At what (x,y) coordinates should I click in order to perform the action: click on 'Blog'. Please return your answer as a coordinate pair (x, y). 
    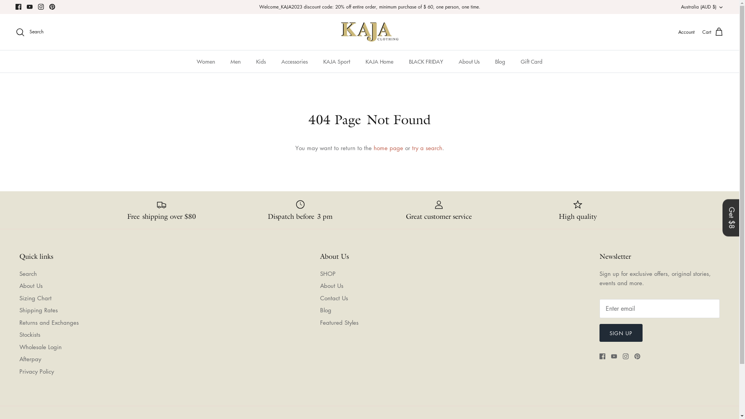
    Looking at the image, I should click on (325, 309).